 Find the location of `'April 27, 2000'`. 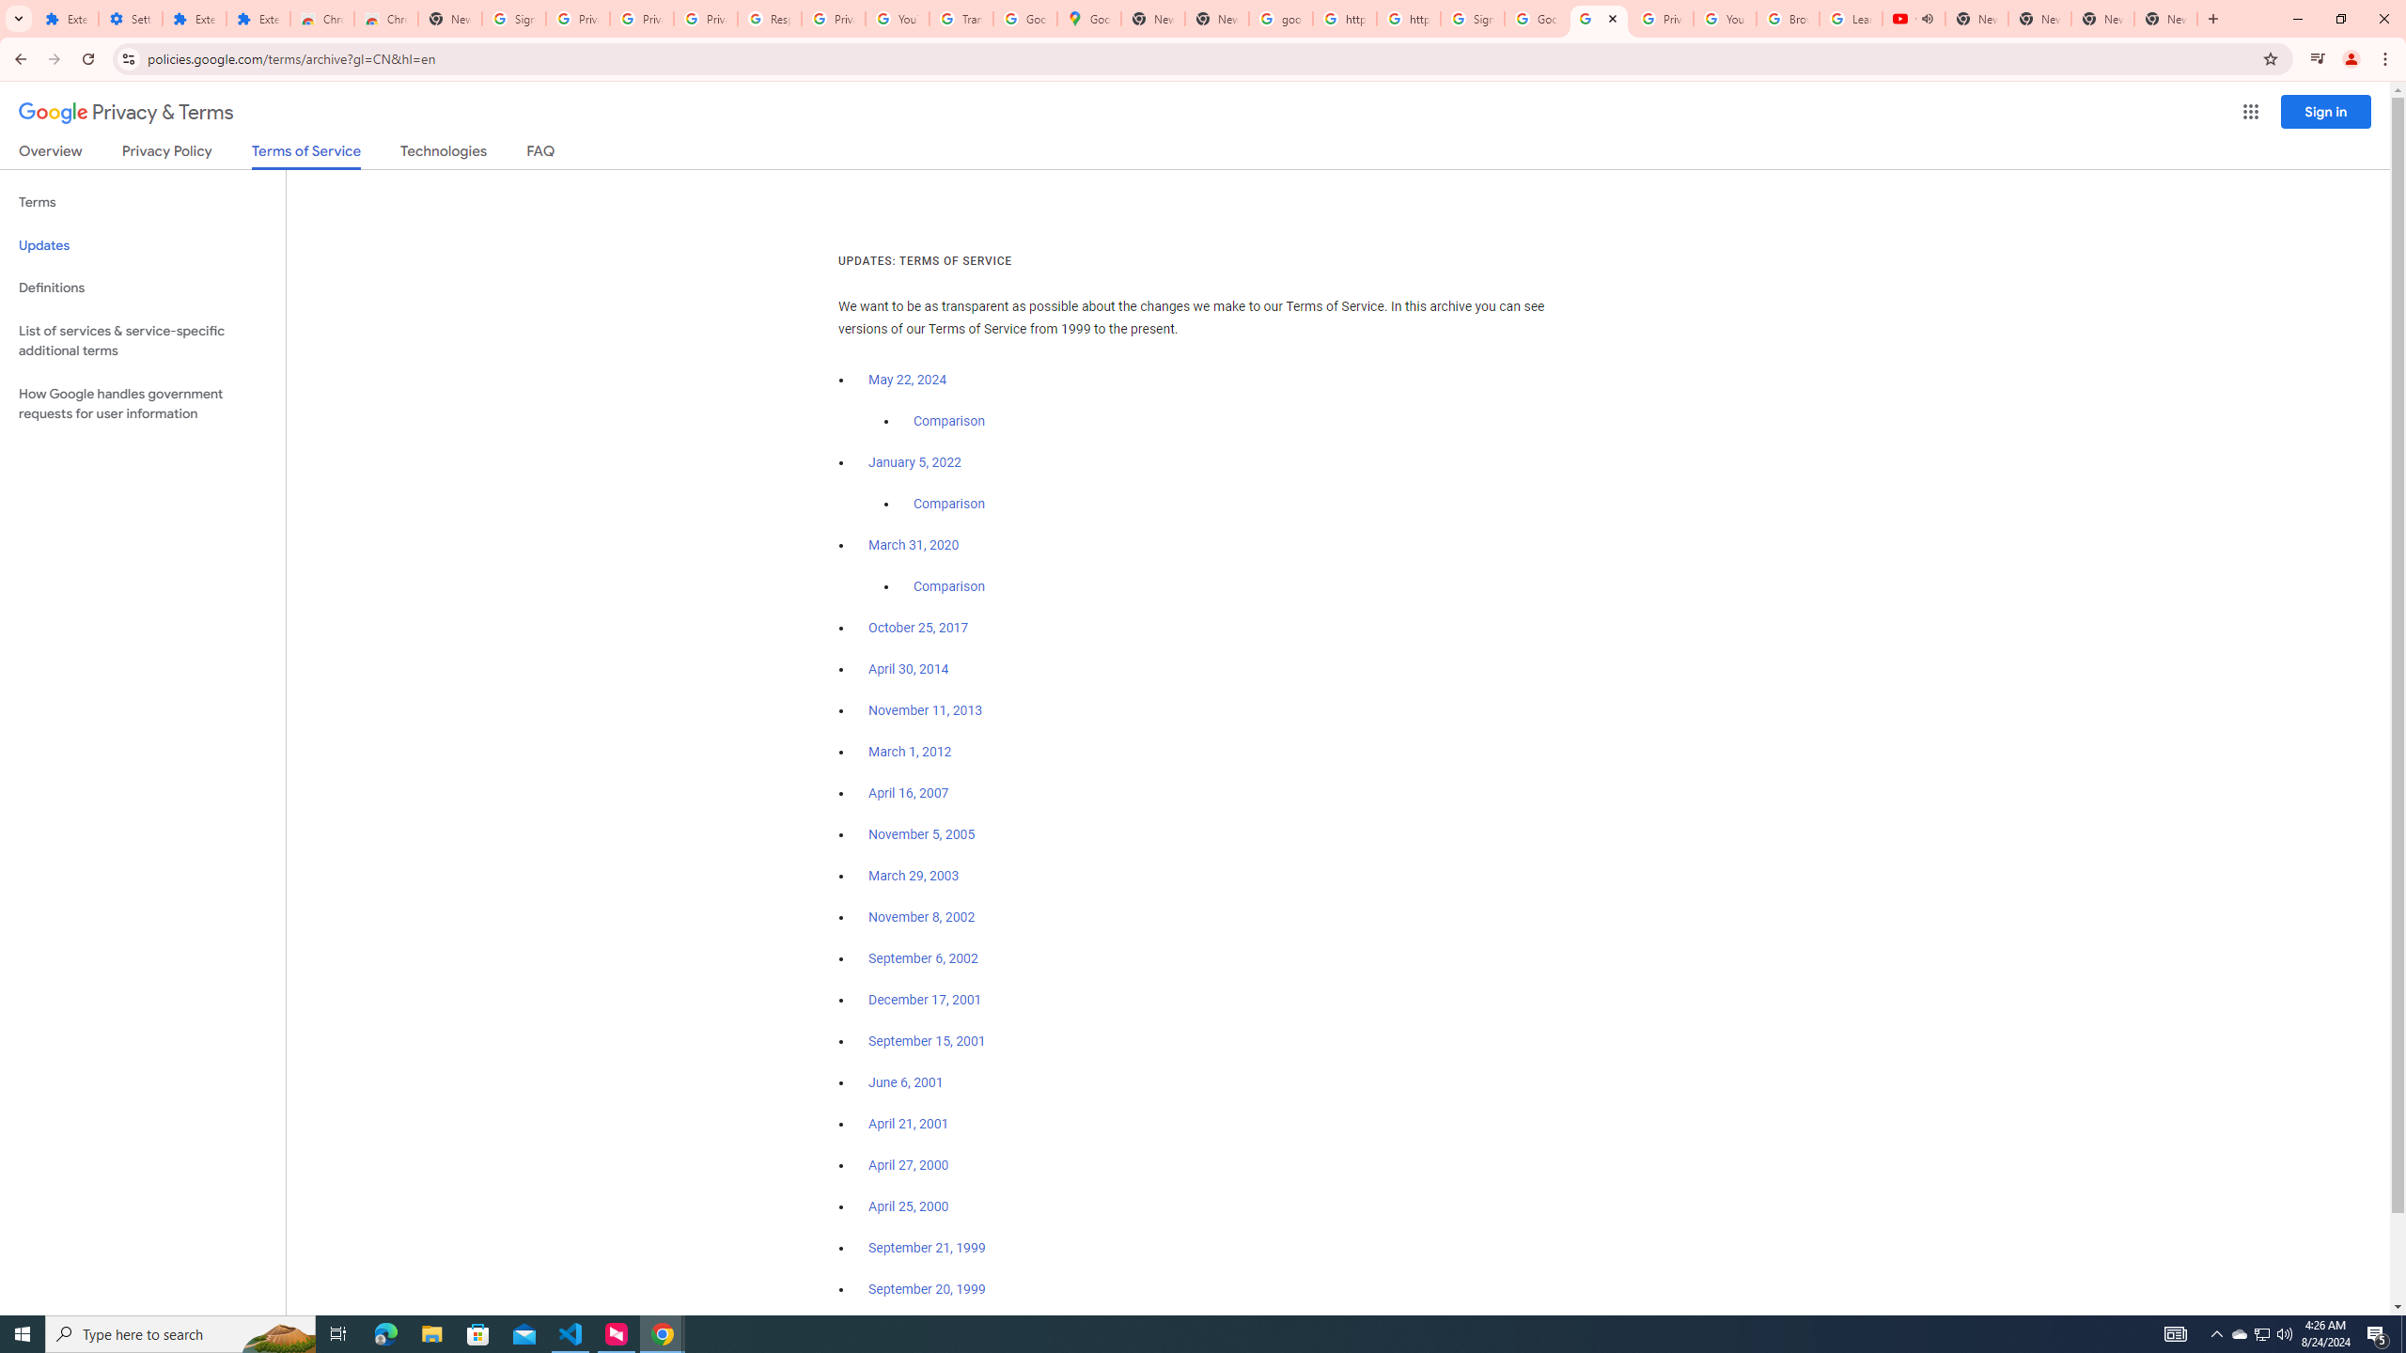

'April 27, 2000' is located at coordinates (908, 1163).